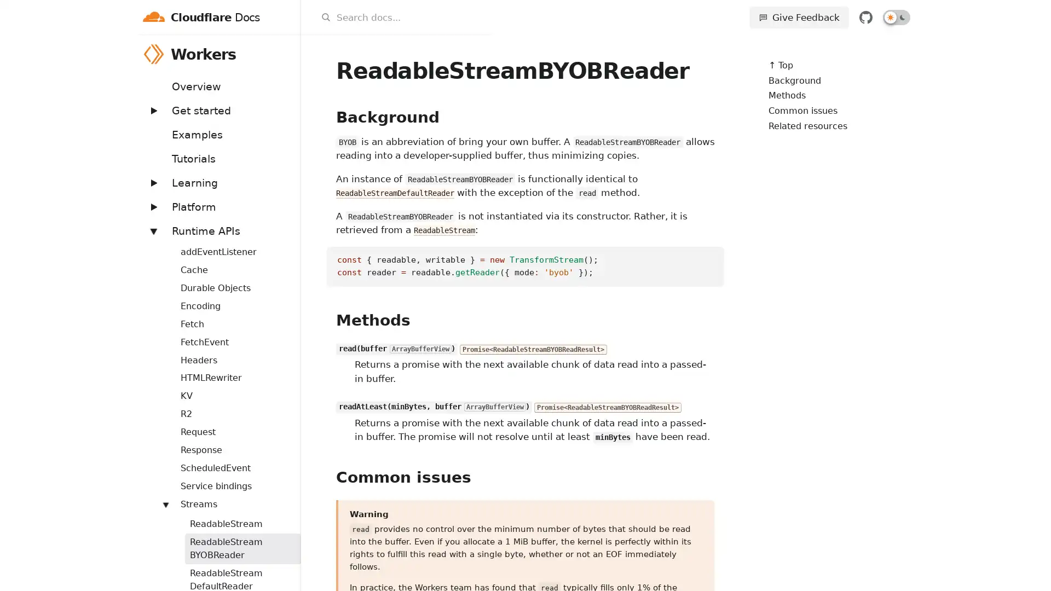  I want to click on Expand: Get started, so click(152, 110).